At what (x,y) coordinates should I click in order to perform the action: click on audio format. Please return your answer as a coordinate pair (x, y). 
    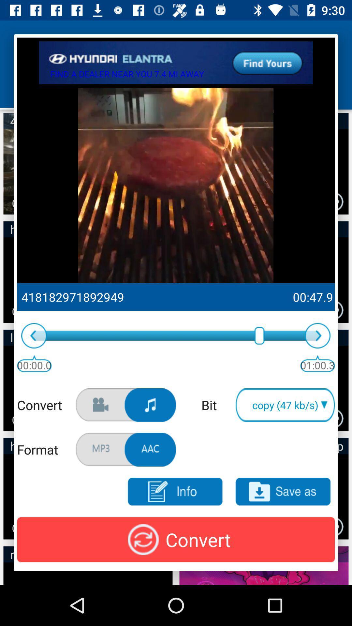
    Looking at the image, I should click on (150, 449).